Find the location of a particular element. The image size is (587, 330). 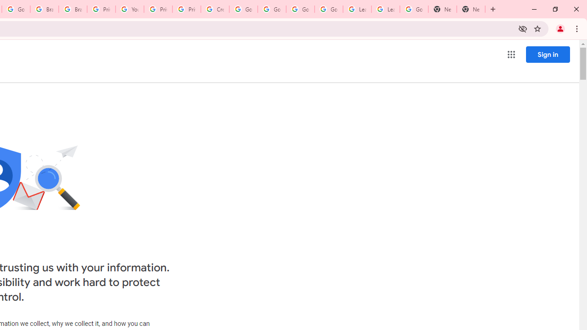

'Create your Google Account' is located at coordinates (215, 9).